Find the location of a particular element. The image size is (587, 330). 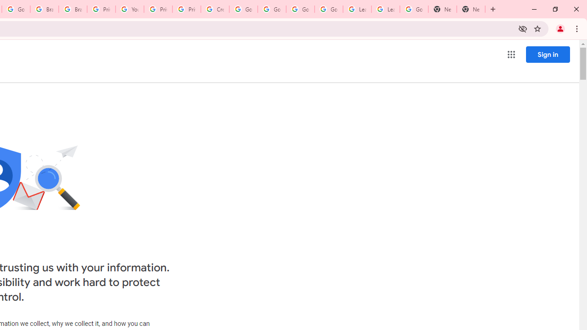

'Create your Google Account' is located at coordinates (215, 9).